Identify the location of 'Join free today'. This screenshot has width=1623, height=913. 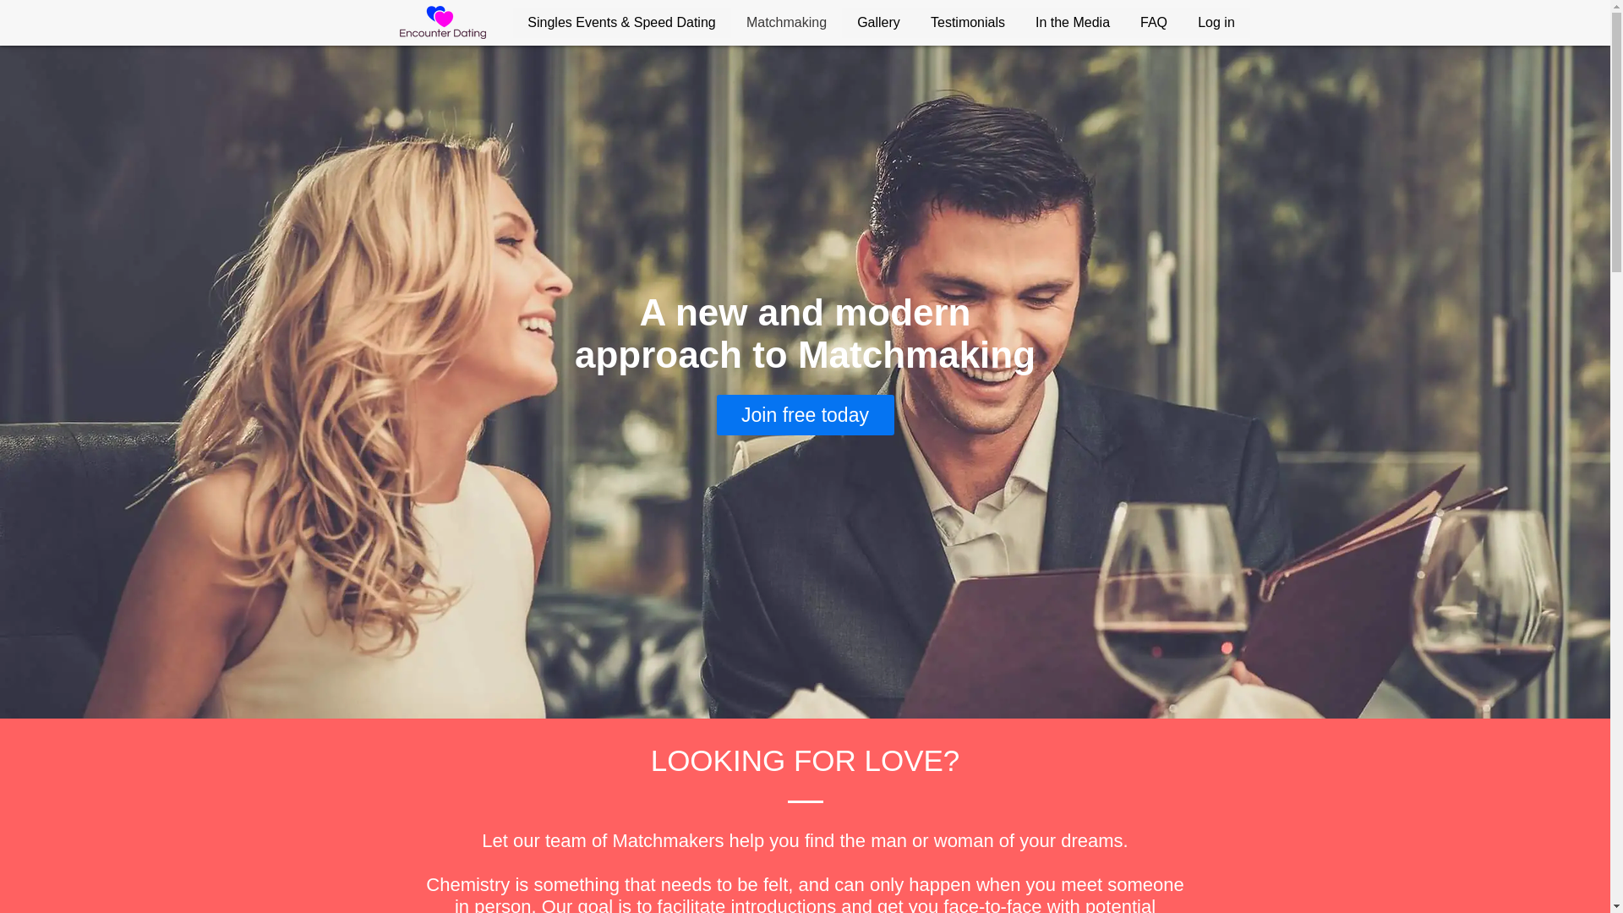
(805, 414).